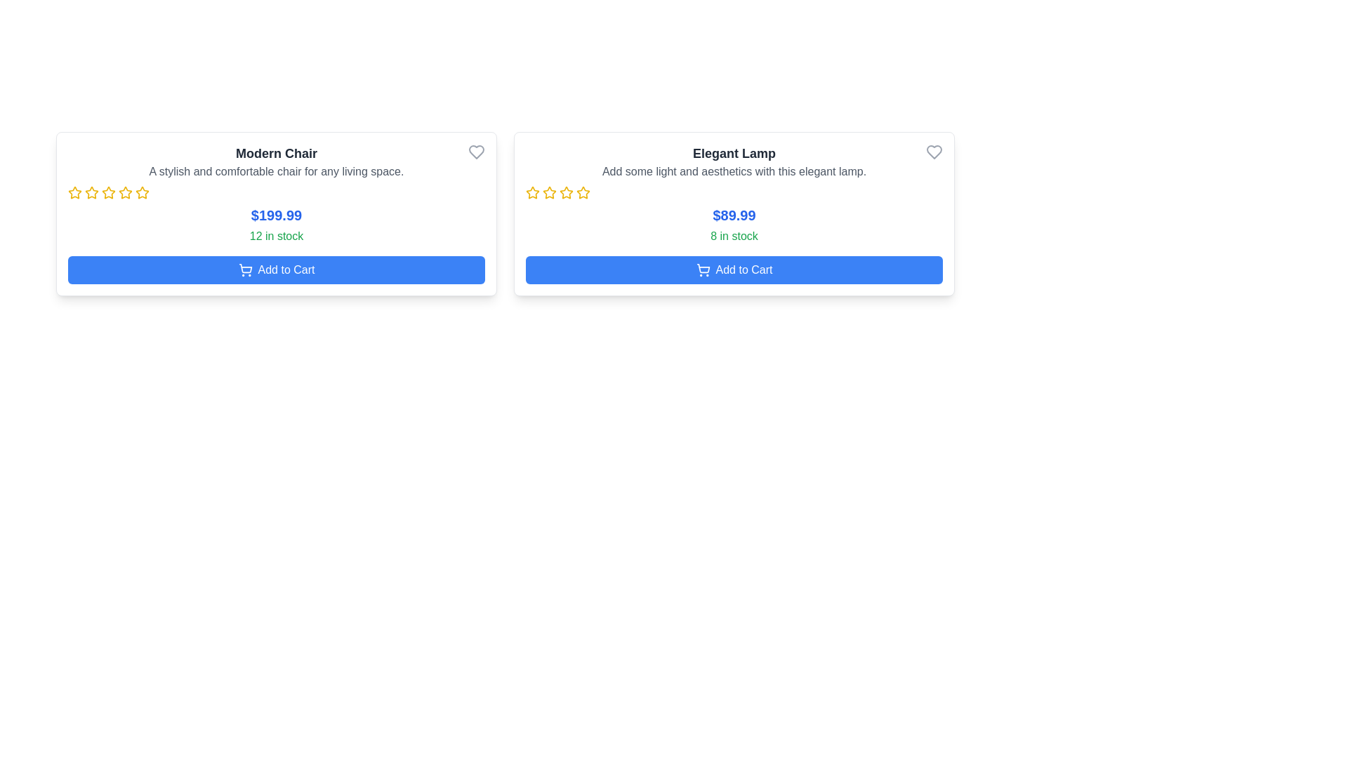 This screenshot has height=758, width=1348. I want to click on the yellow star icon at the leftmost position of the five-star rating component for the 'Elegant Lamp', so click(531, 192).